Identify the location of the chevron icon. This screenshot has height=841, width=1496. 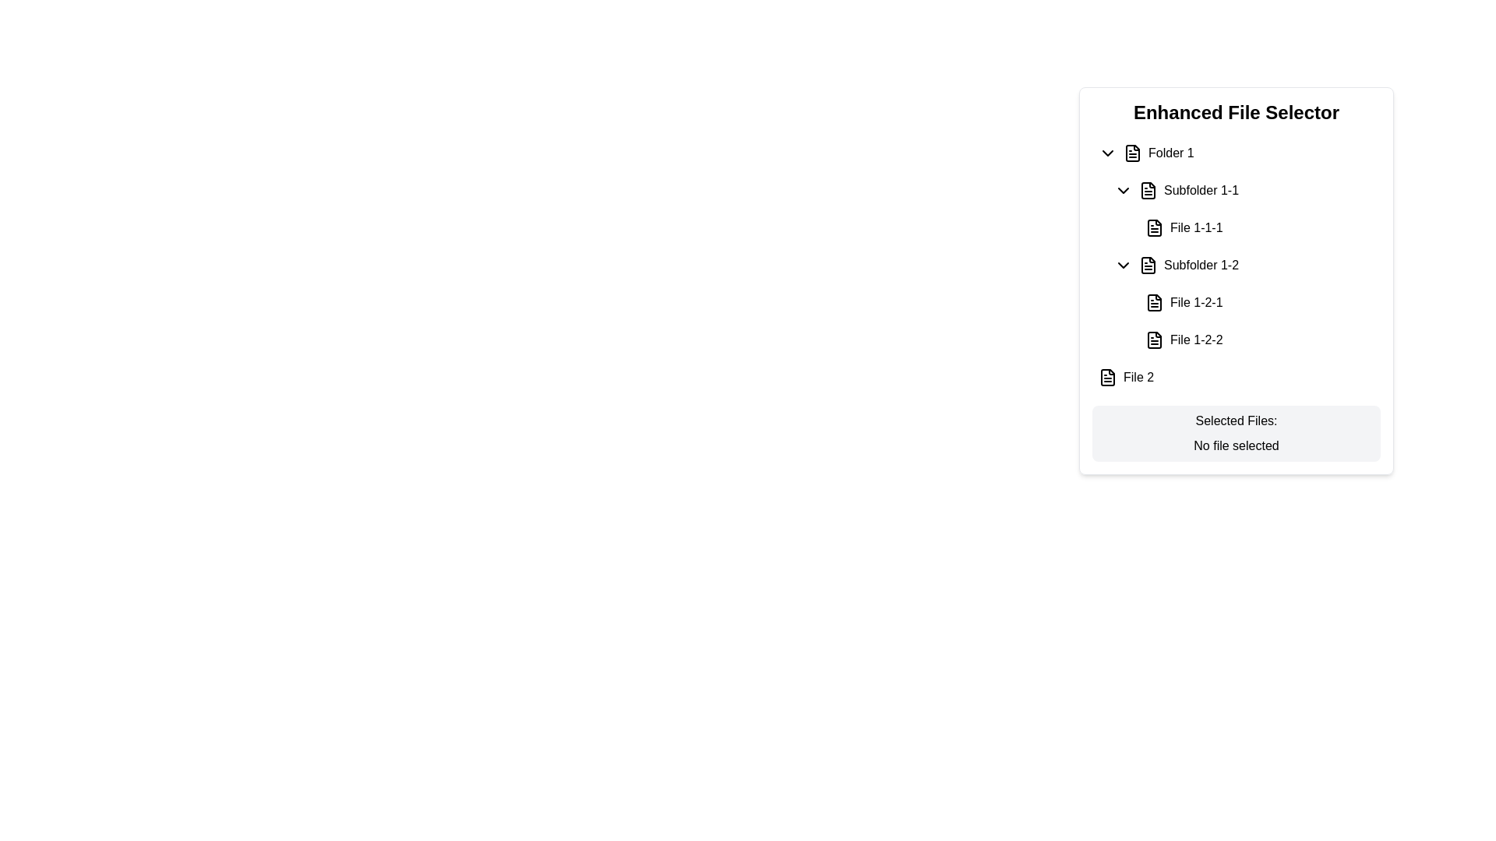
(1123, 264).